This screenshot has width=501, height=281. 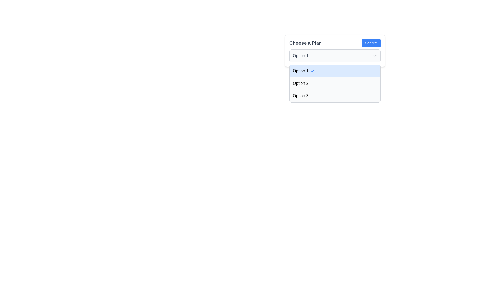 I want to click on the first dropdown list item displaying 'Option 1', so click(x=335, y=71).